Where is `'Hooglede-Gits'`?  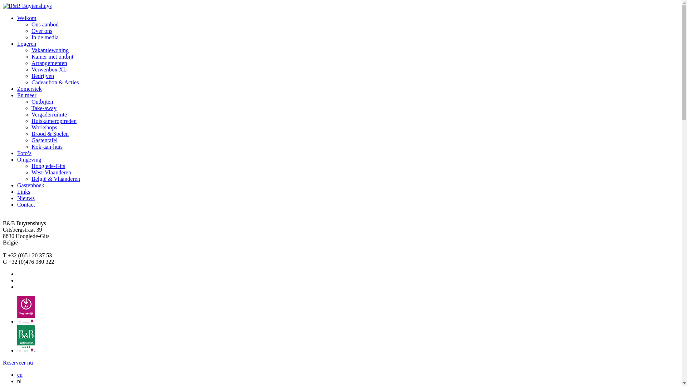 'Hooglede-Gits' is located at coordinates (31, 166).